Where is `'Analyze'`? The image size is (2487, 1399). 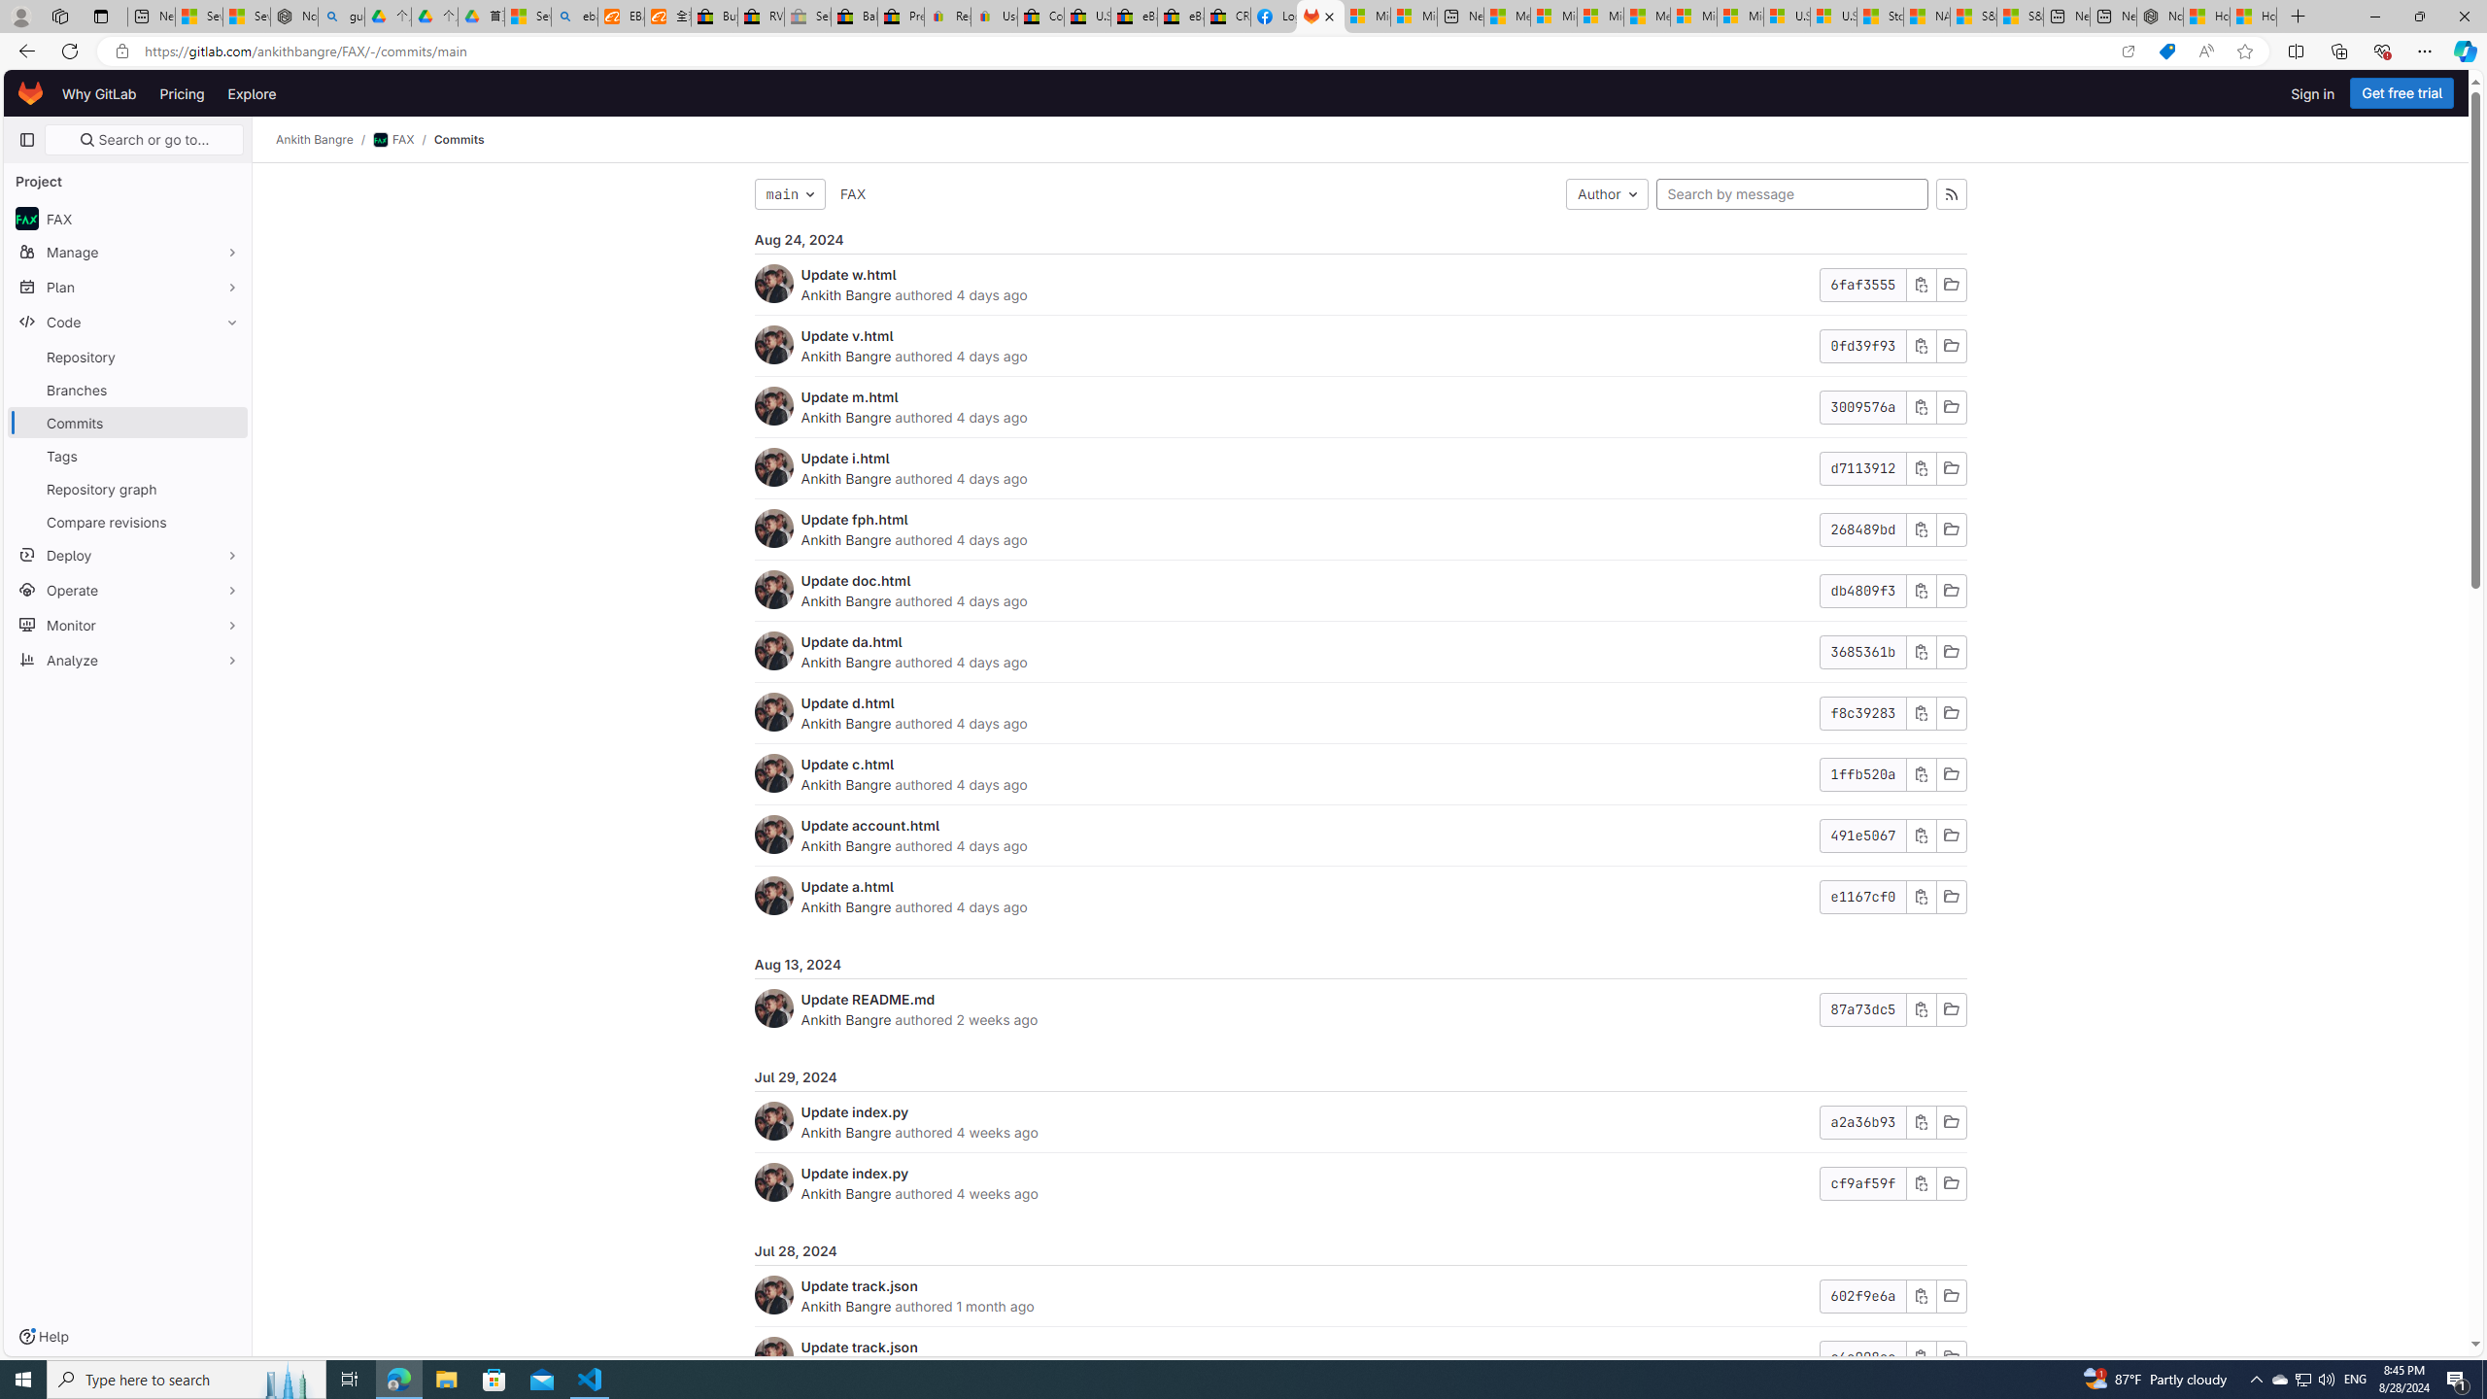
'Analyze' is located at coordinates (126, 658).